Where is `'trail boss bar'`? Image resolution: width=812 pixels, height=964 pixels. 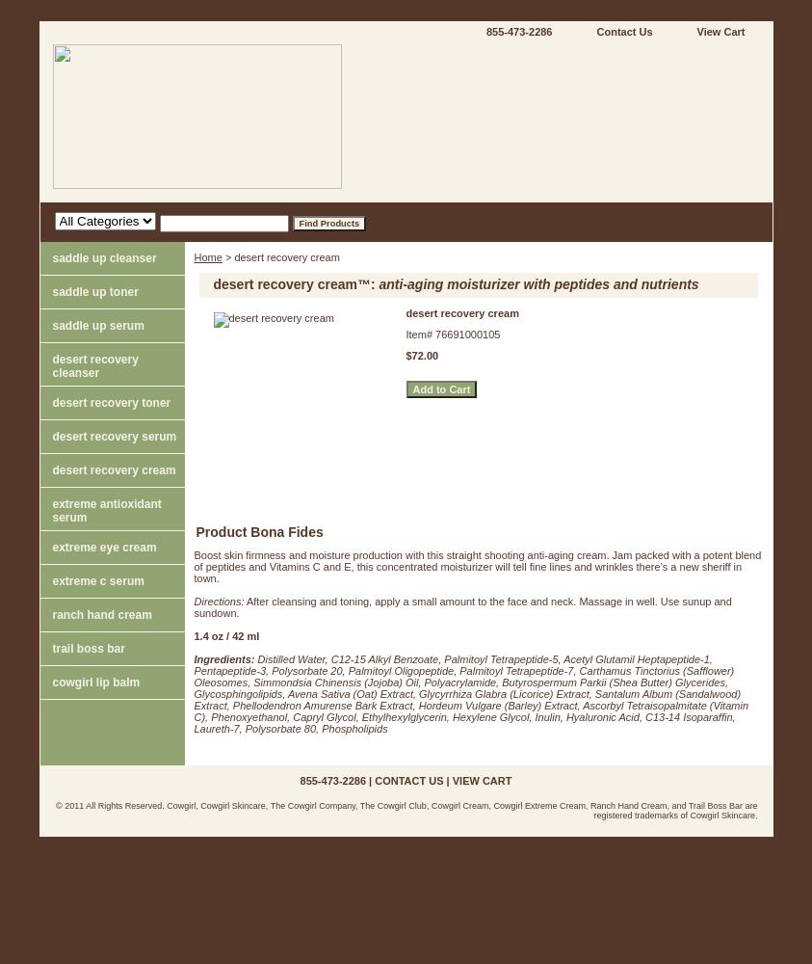 'trail boss bar' is located at coordinates (87, 648).